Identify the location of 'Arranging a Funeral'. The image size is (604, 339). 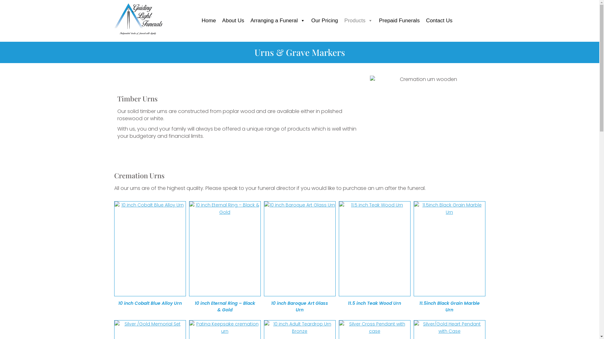
(277, 20).